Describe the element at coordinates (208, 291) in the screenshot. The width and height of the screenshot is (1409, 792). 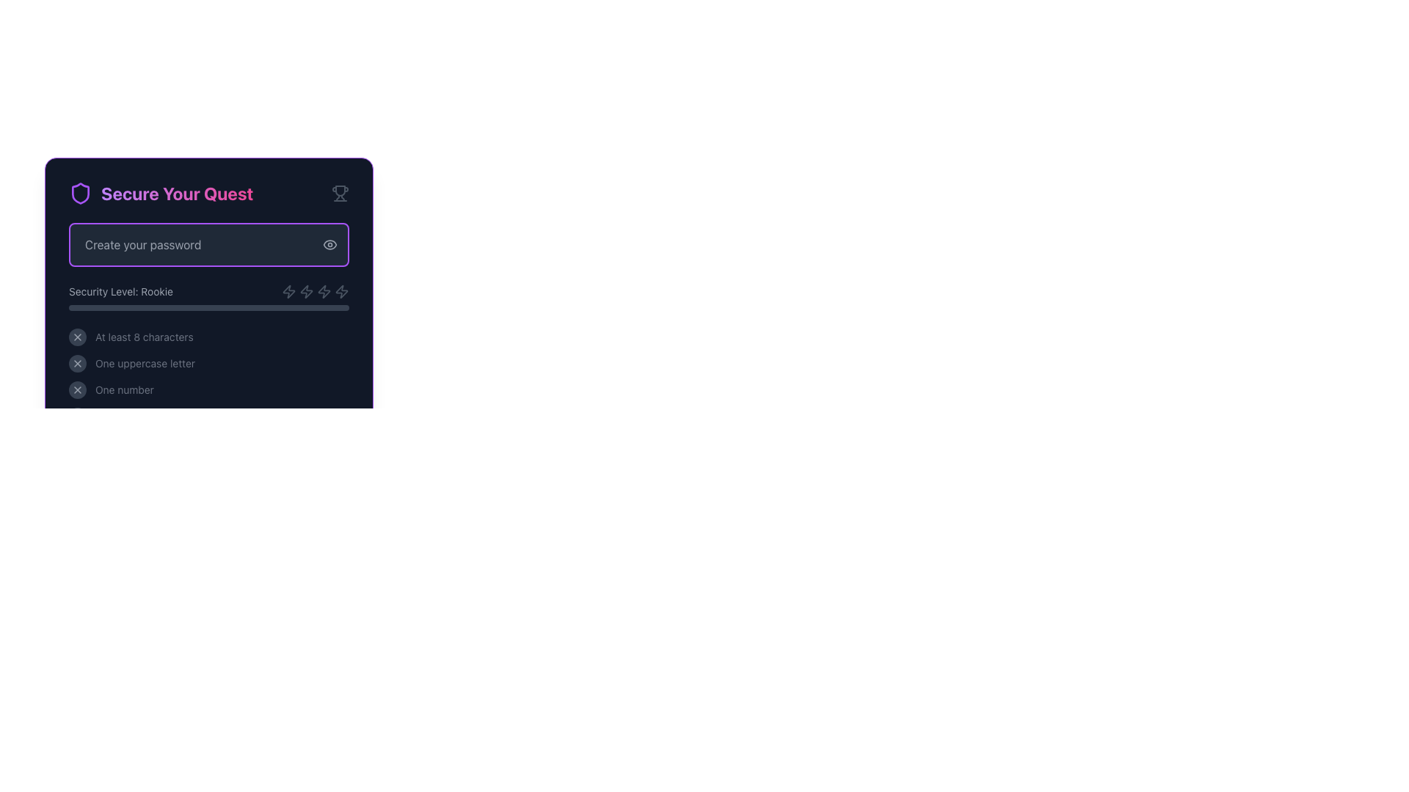
I see `the icons on the informational indicator labeled 'Security Level: Rookie', which is situated beneath the password input field and above the progress bar` at that location.